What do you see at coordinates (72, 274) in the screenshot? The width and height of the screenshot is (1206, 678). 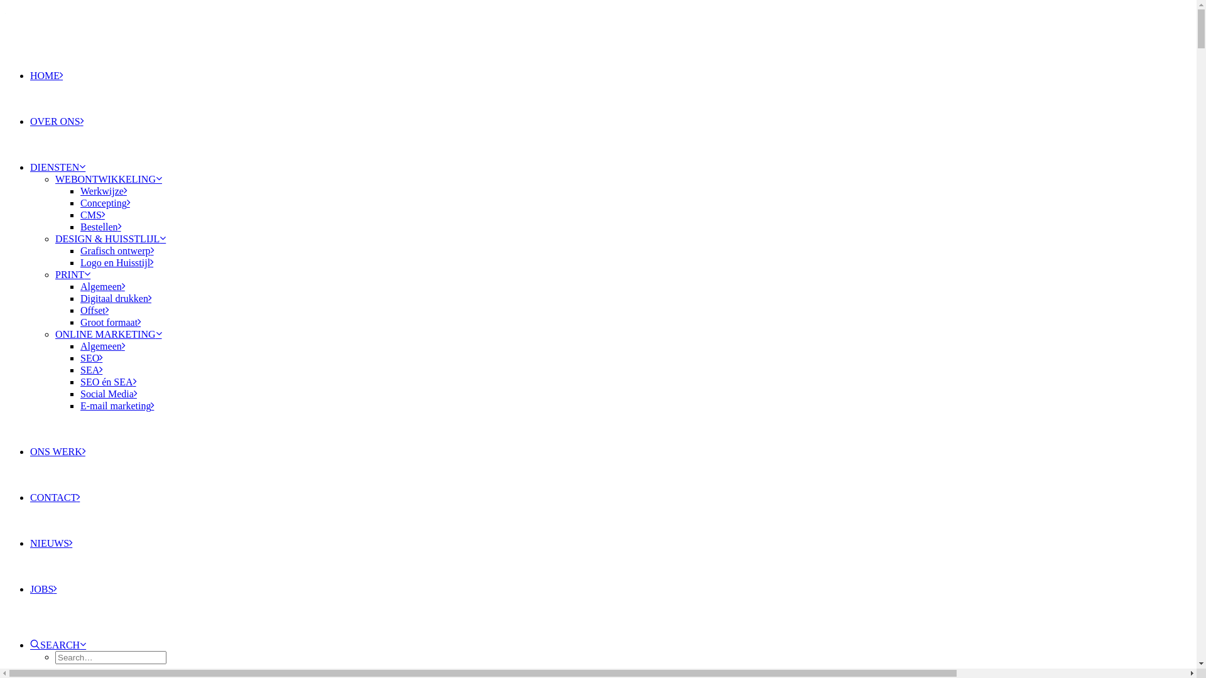 I see `'PRINT'` at bounding box center [72, 274].